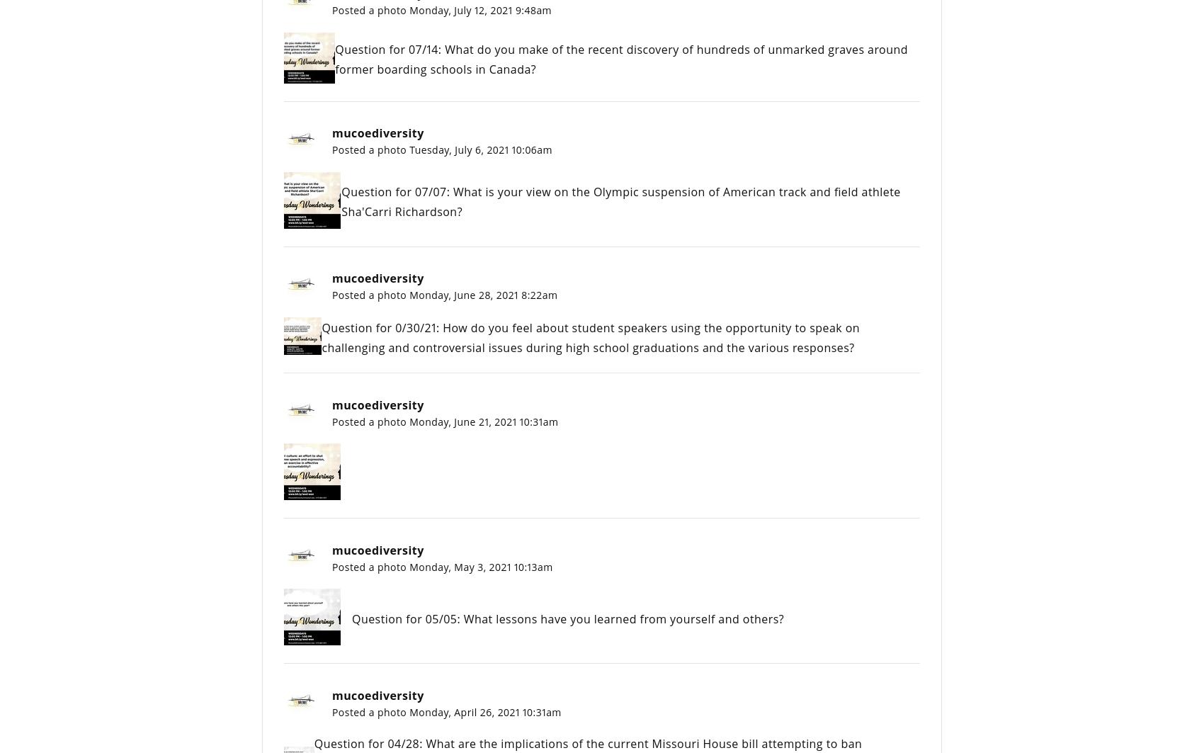  Describe the element at coordinates (567, 618) in the screenshot. I see `'Question for 05/05: What lessons have you learned from yourself and others?'` at that location.